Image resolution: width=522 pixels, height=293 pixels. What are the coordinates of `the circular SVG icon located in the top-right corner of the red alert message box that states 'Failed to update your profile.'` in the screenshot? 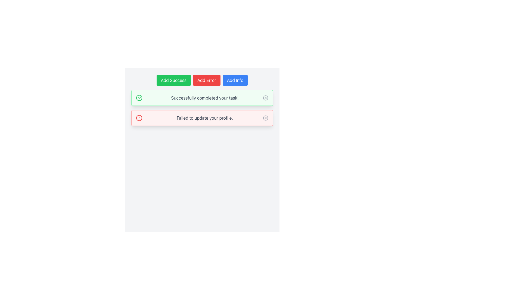 It's located at (266, 118).